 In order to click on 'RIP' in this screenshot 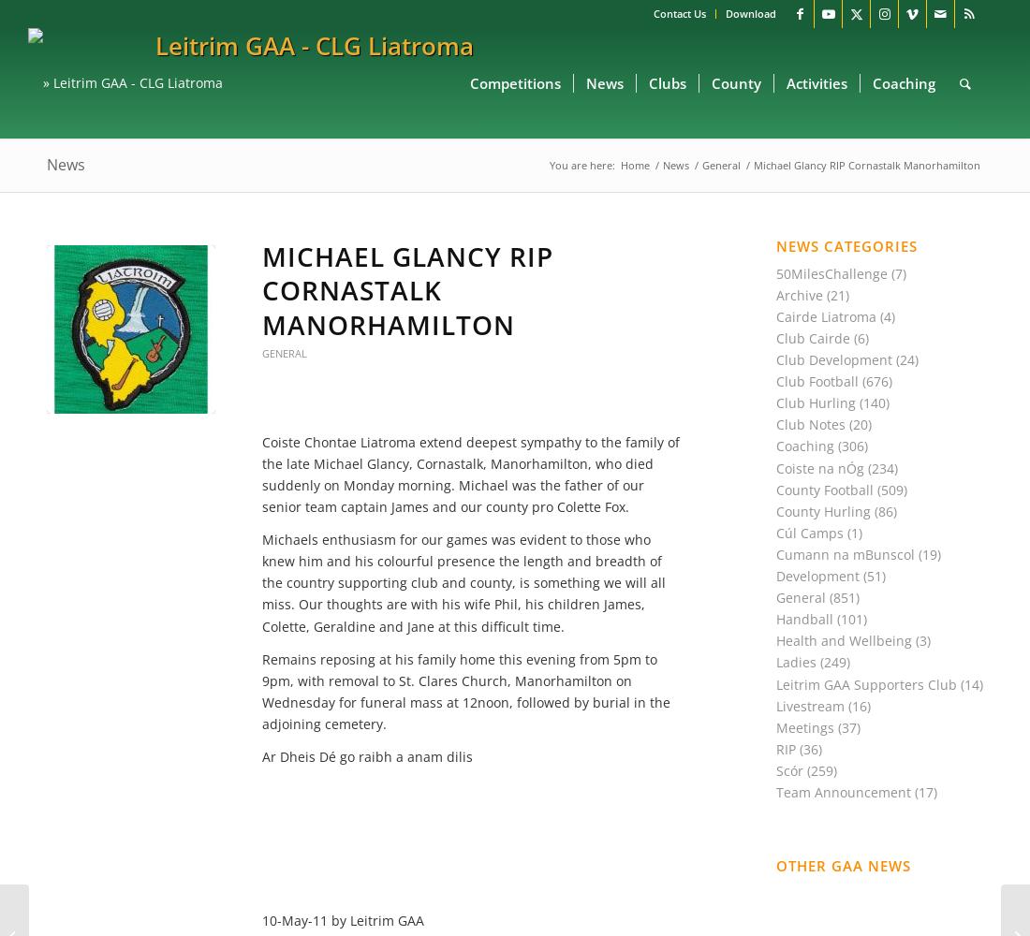, I will do `click(785, 748)`.